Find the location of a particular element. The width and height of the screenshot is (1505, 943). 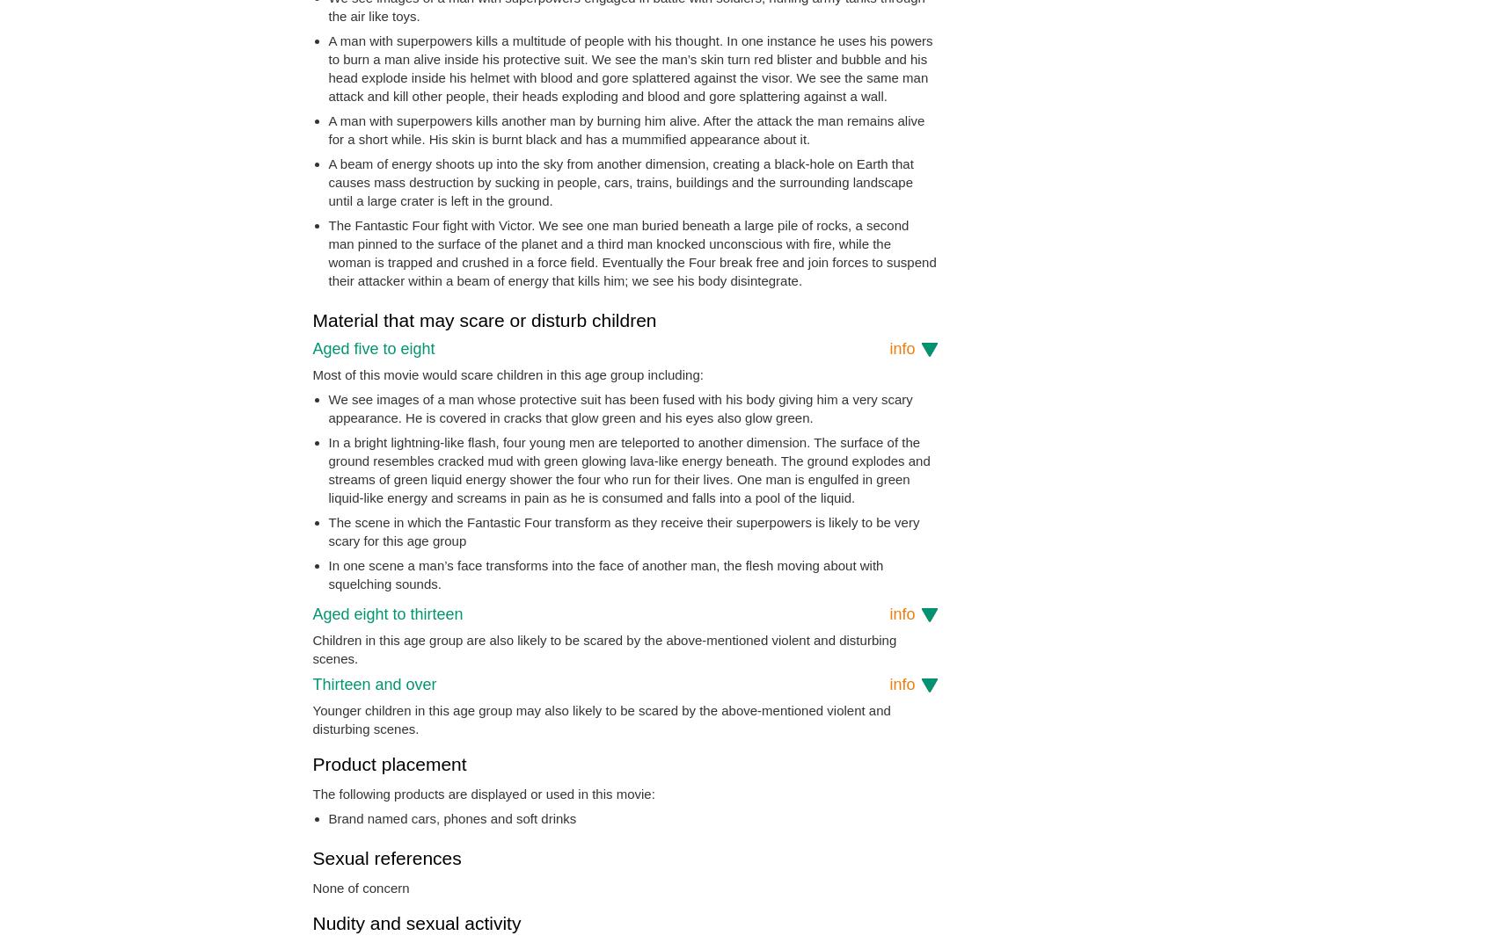

'A man with superpowers kills a multitude of people with his thought. In one instance he uses his powers to burn a man alive inside his protective suit. We see the man’s skin turn red blister and bubble and his head explode inside his helmet with blood and gore splattered against the visor. We see the same man attack and kill other people, their heads exploding and blood and gore splattering against a wall.' is located at coordinates (327, 68).